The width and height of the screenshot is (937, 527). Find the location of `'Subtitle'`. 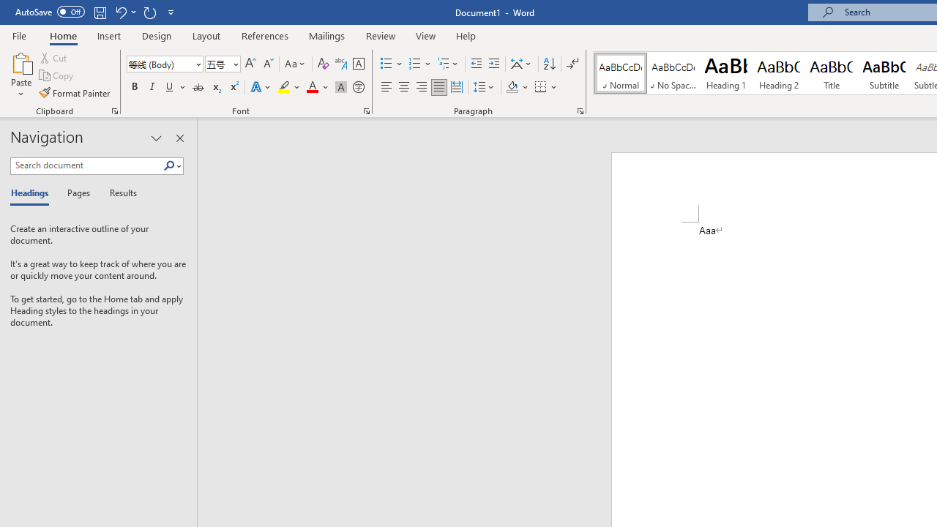

'Subtitle' is located at coordinates (884, 73).